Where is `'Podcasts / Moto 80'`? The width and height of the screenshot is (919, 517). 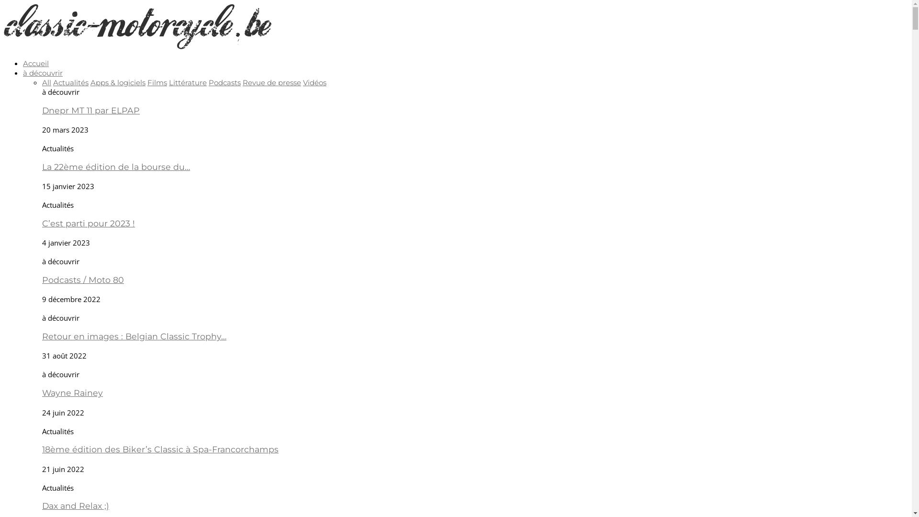 'Podcasts / Moto 80' is located at coordinates (83, 280).